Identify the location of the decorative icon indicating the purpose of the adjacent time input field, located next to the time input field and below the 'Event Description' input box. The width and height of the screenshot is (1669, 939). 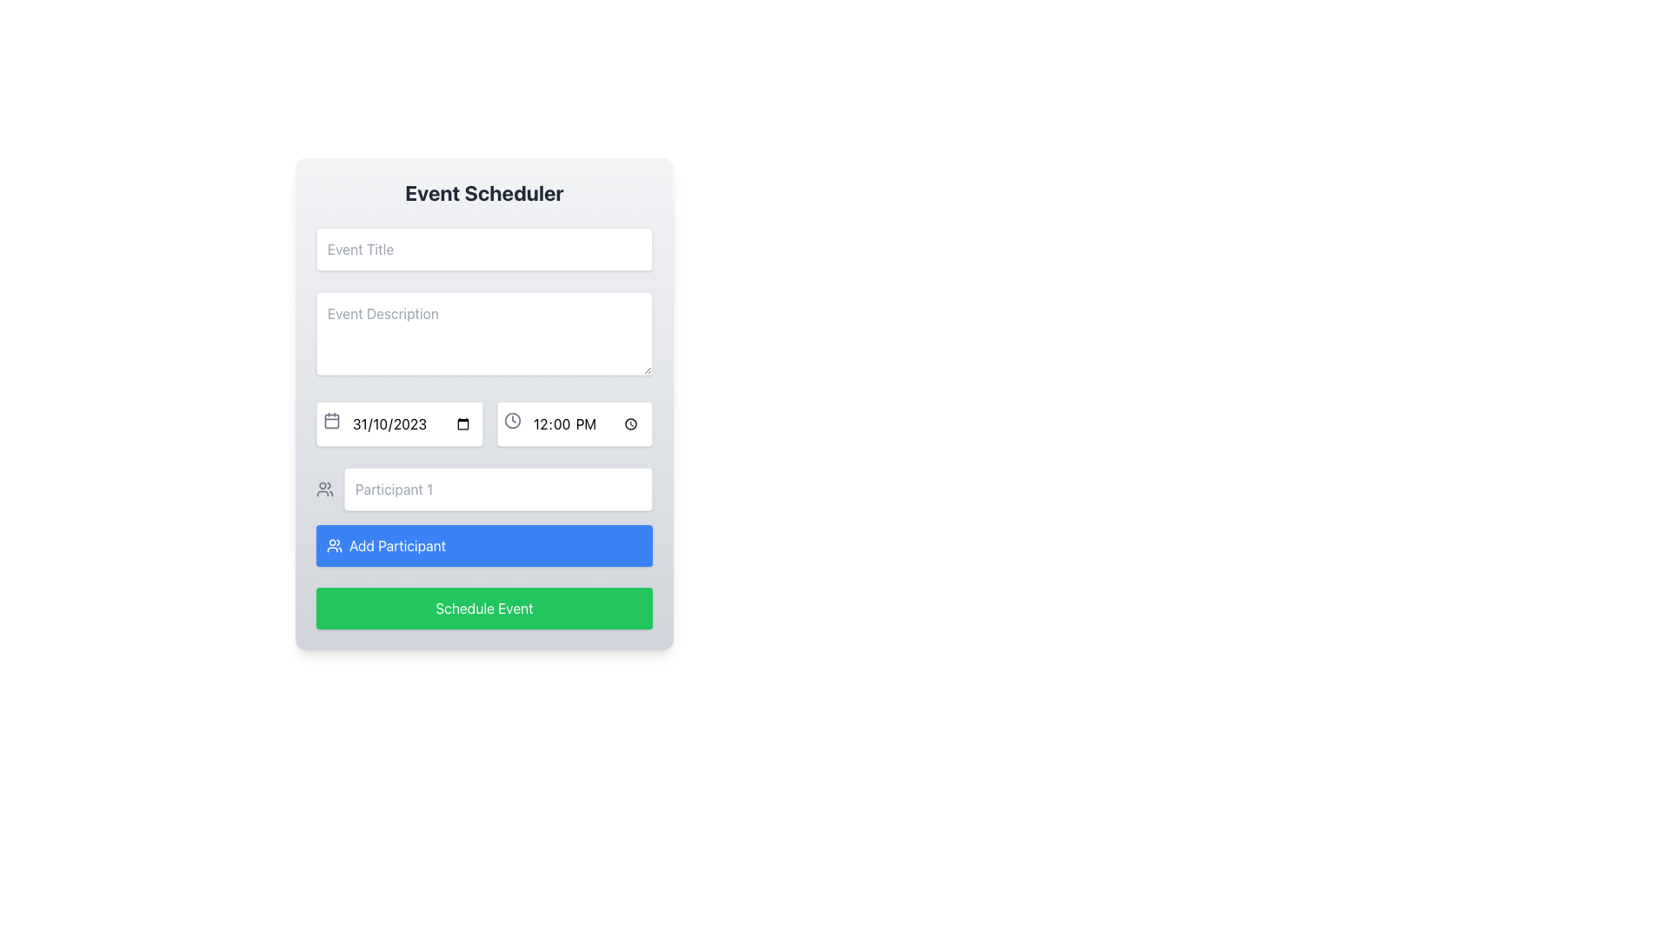
(512, 420).